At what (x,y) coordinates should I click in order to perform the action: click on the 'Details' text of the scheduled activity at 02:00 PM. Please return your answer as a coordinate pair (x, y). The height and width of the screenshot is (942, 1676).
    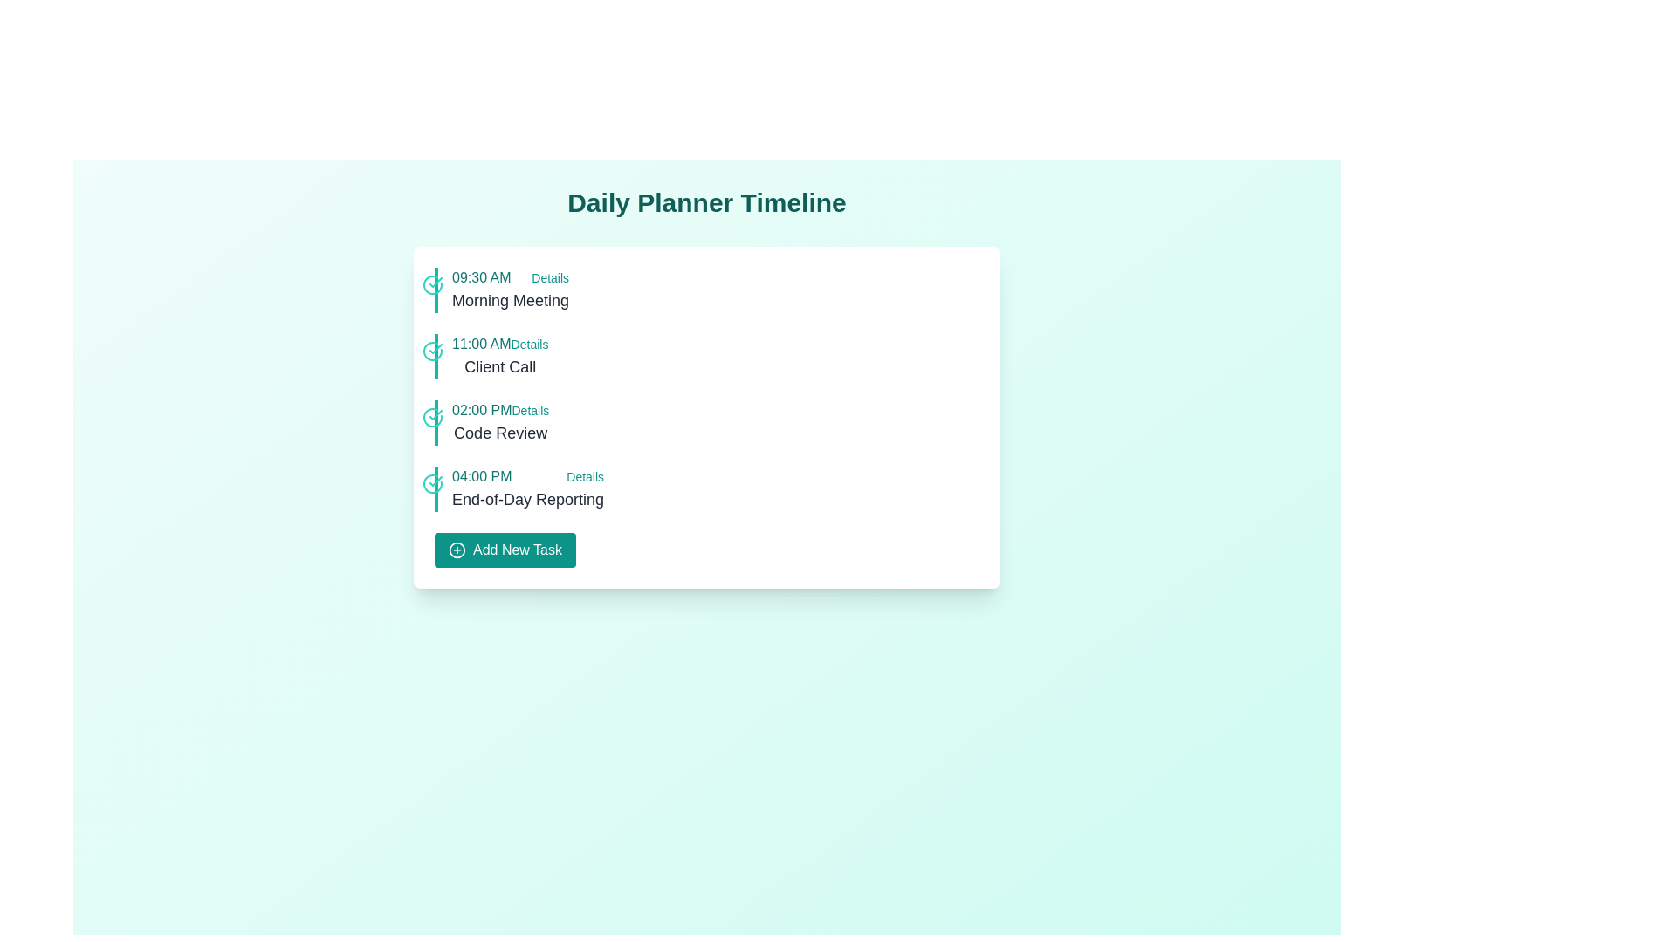
    Looking at the image, I should click on (499, 410).